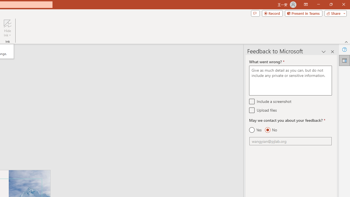 The height and width of the screenshot is (197, 350). What do you see at coordinates (290, 141) in the screenshot?
I see `'Email'` at bounding box center [290, 141].